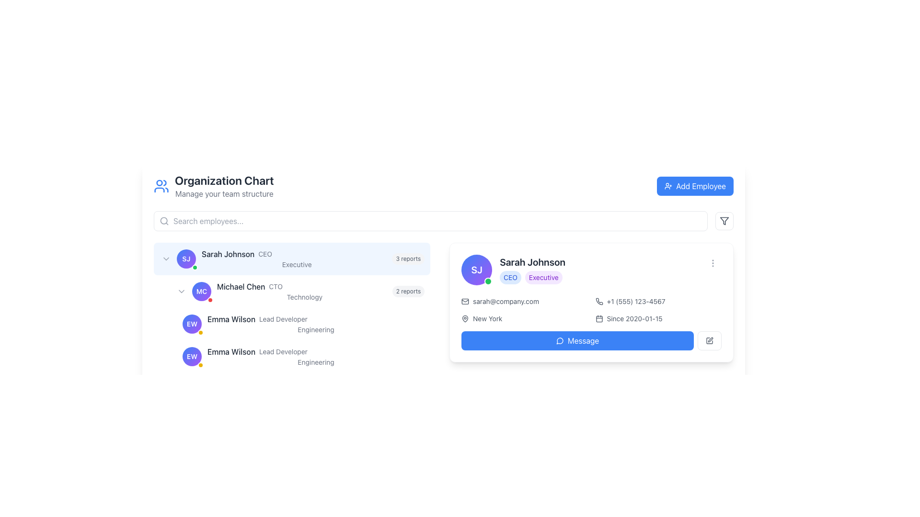 The height and width of the screenshot is (517, 920). What do you see at coordinates (316, 362) in the screenshot?
I see `the Static text label displaying 'Engineering', which is located under the name 'Emma Wilson' and title 'Lead Developer' in the organization chart` at bounding box center [316, 362].